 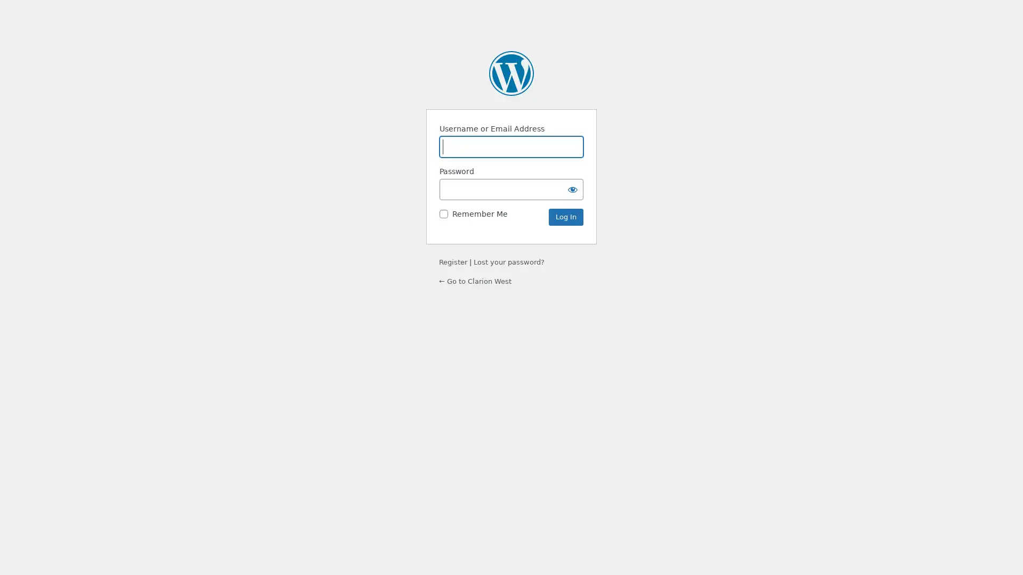 I want to click on Show password, so click(x=572, y=188).